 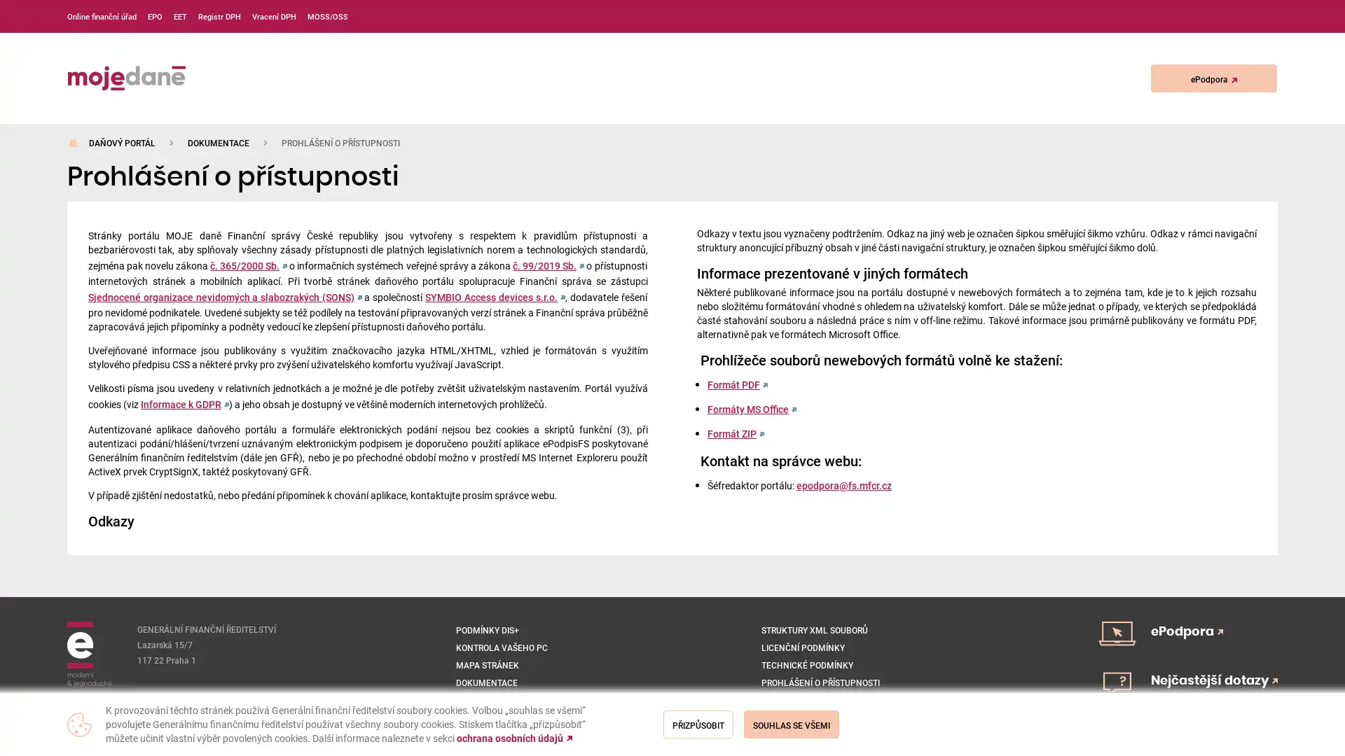 I want to click on Prizpusobit, so click(x=698, y=724).